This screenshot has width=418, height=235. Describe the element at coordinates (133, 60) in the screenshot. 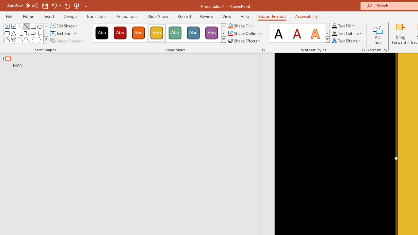

I see `'Outline'` at that location.